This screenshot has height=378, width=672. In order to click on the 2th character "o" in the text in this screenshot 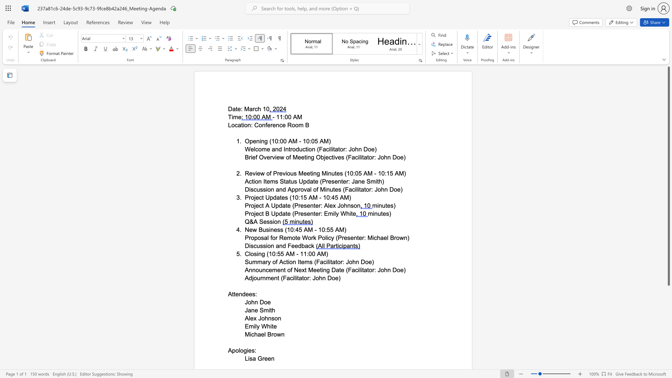, I will do `click(242, 350)`.